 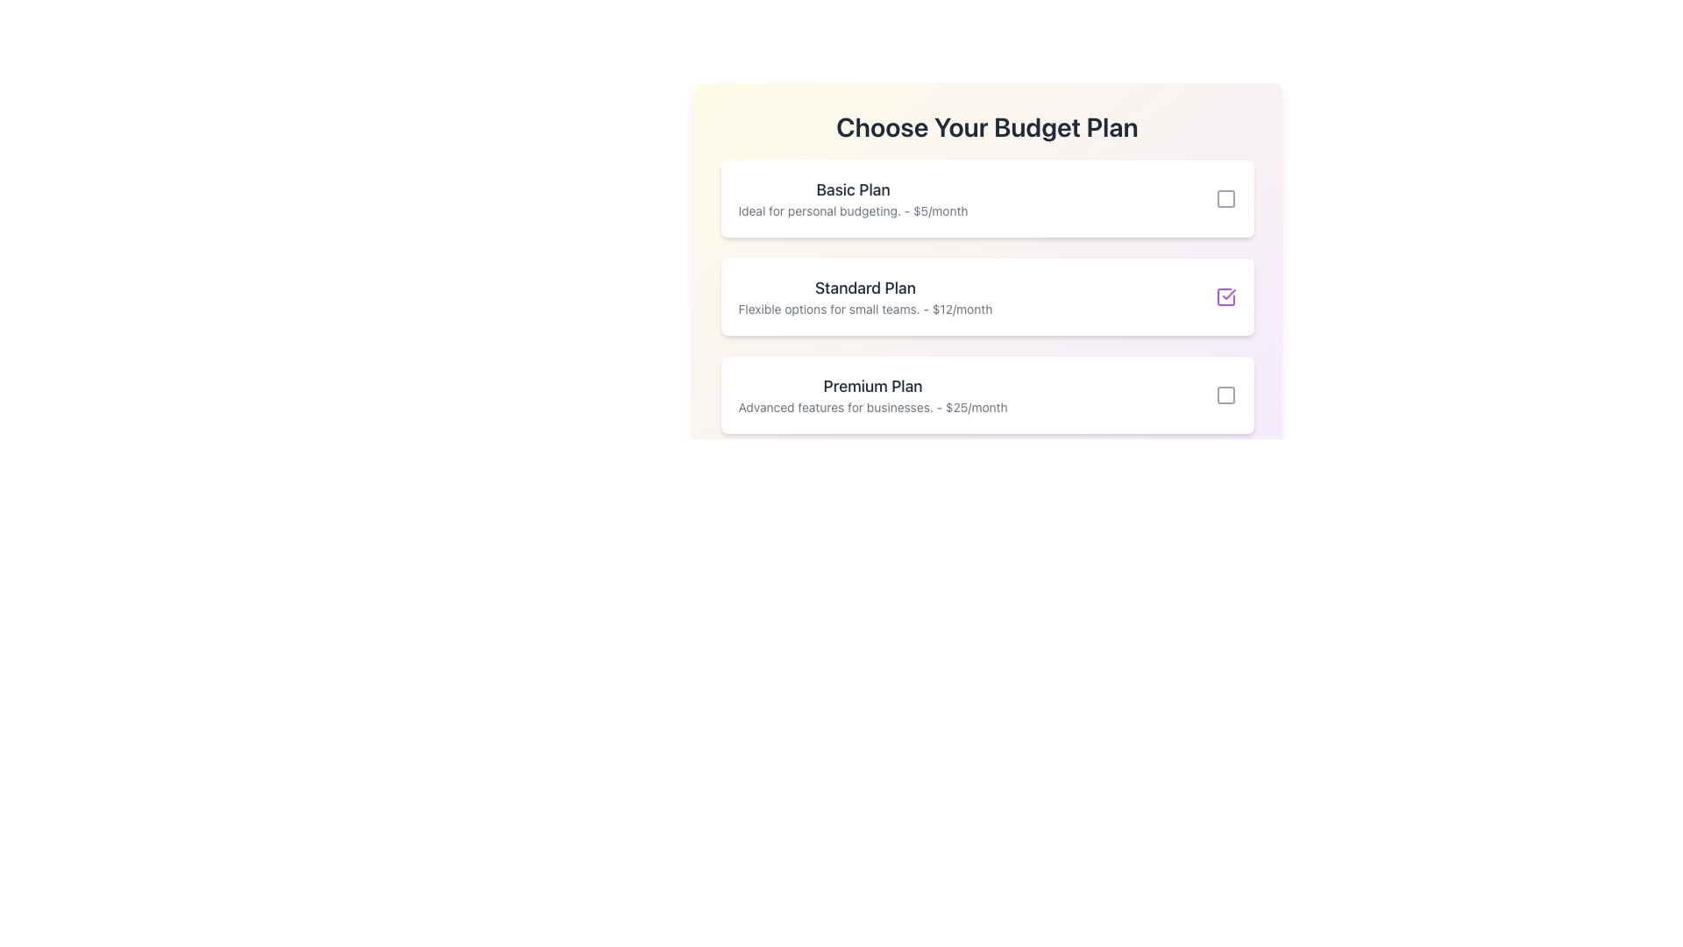 I want to click on the 'Standard Plan' card, so click(x=865, y=296).